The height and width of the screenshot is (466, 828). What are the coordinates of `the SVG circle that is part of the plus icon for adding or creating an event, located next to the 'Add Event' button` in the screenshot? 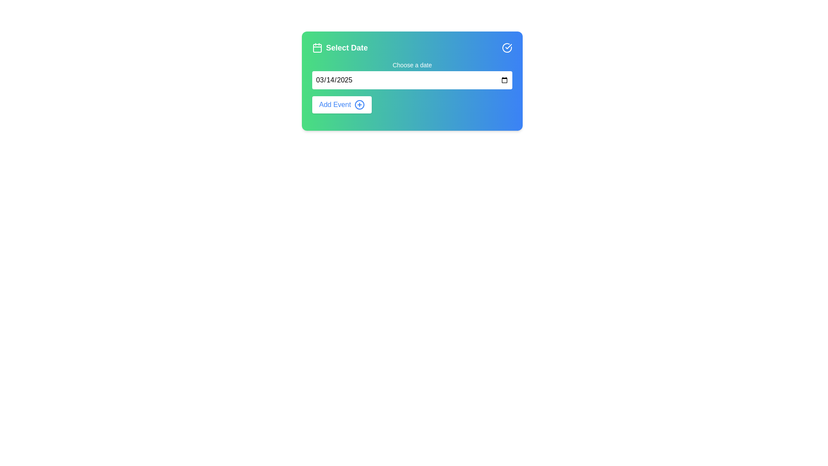 It's located at (359, 104).